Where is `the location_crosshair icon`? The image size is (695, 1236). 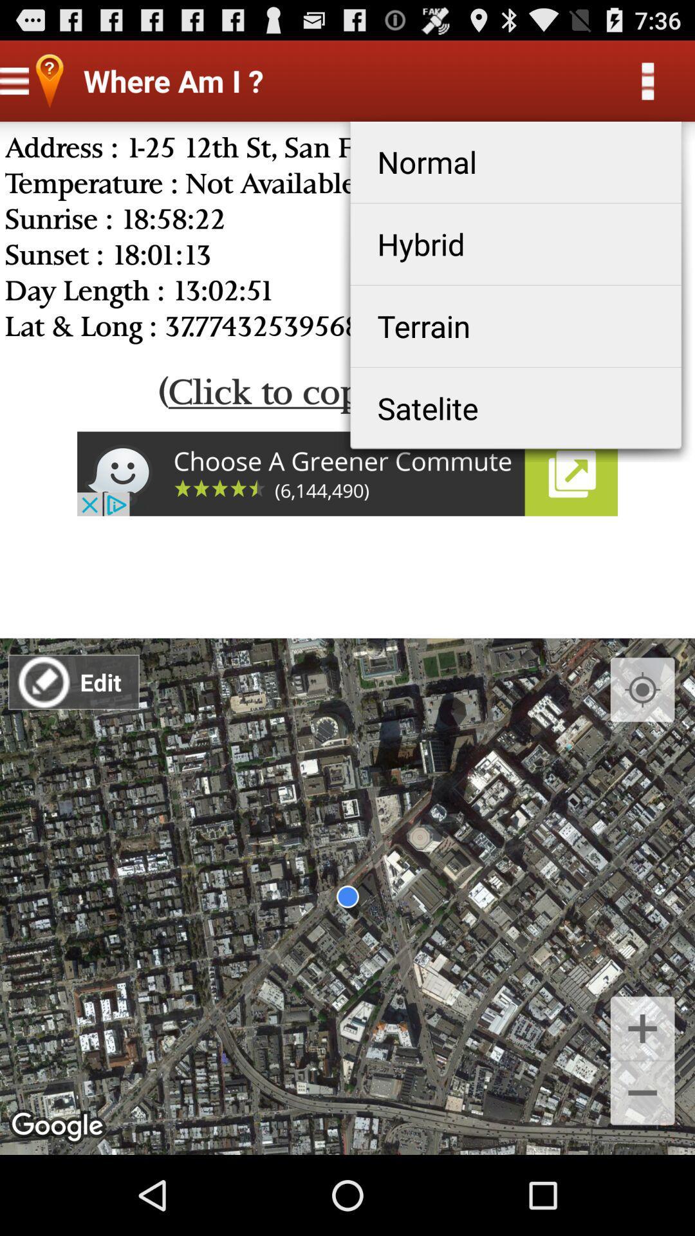
the location_crosshair icon is located at coordinates (642, 739).